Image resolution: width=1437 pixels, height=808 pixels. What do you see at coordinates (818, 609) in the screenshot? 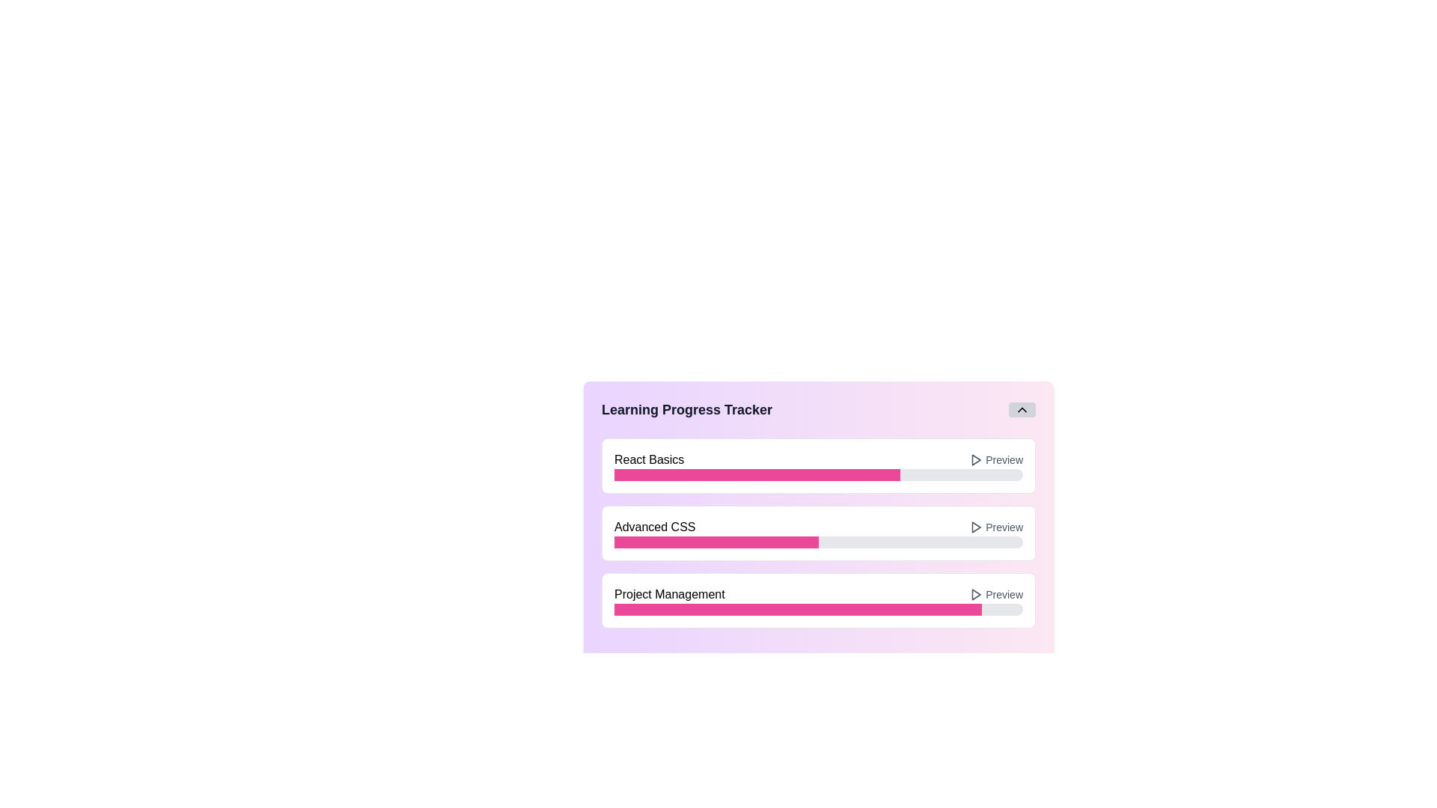
I see `the progress bar styled as a horizontal rounded rectangle with a light gray background and a pink-filled section, located at the bottom of the 'Project Management' card in the 'Learning Progress Tracker' UI section` at bounding box center [818, 609].